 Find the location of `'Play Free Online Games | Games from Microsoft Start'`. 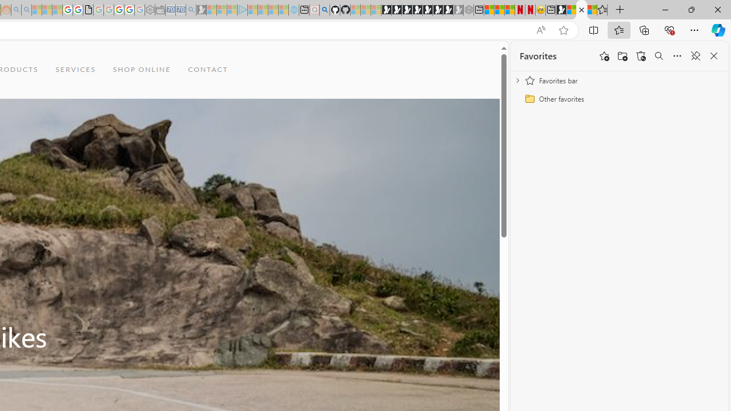

'Play Free Online Games | Games from Microsoft Start' is located at coordinates (386, 10).